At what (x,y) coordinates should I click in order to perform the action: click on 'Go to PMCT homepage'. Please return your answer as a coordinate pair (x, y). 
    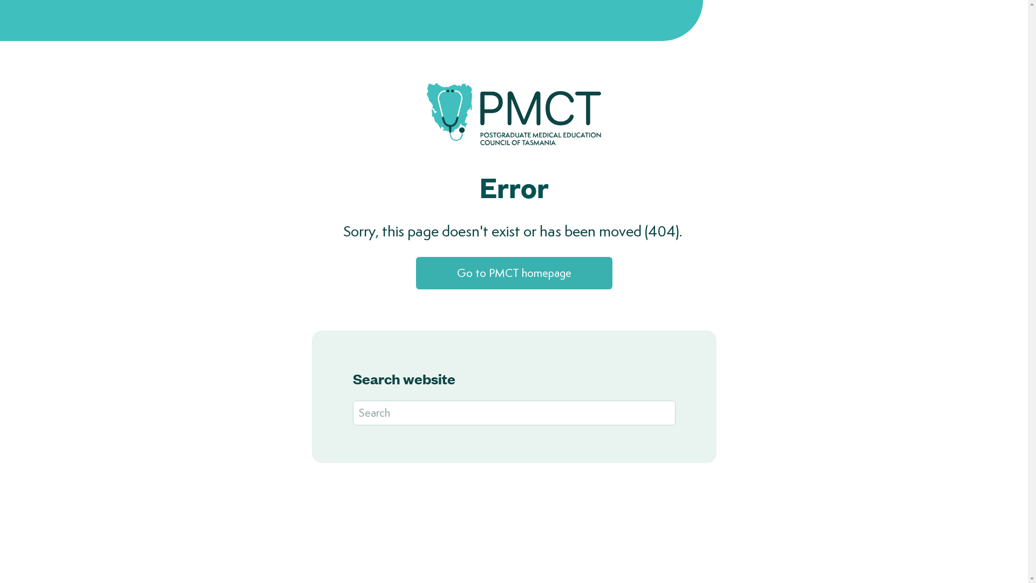
    Looking at the image, I should click on (513, 272).